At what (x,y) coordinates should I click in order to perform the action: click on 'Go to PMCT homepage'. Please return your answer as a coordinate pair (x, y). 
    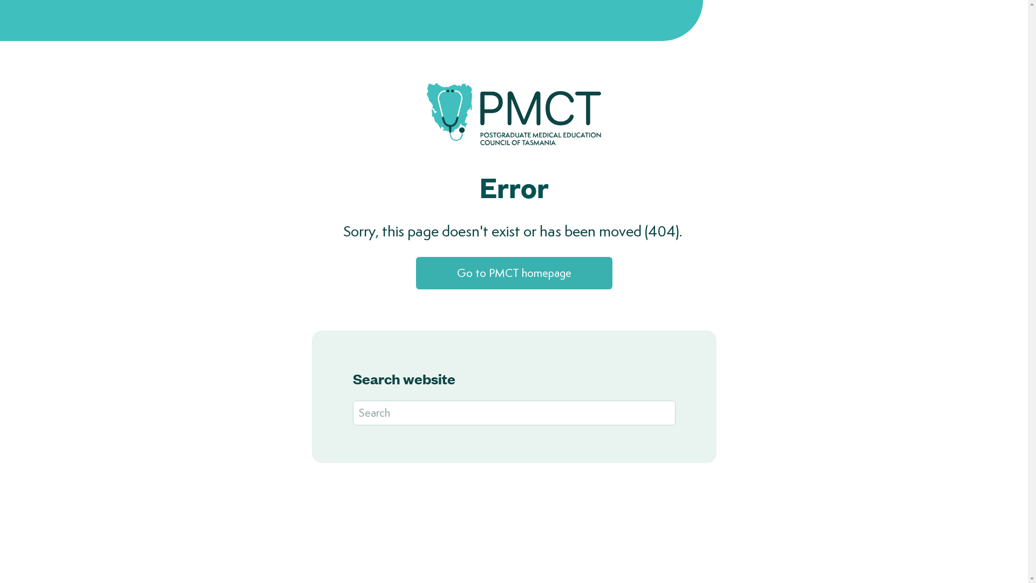
    Looking at the image, I should click on (513, 272).